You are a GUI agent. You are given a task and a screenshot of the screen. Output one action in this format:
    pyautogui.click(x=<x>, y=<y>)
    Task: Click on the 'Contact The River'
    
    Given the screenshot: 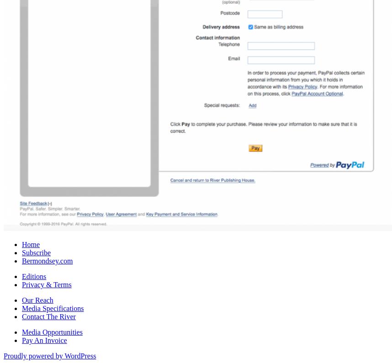 What is the action you would take?
    pyautogui.click(x=48, y=316)
    